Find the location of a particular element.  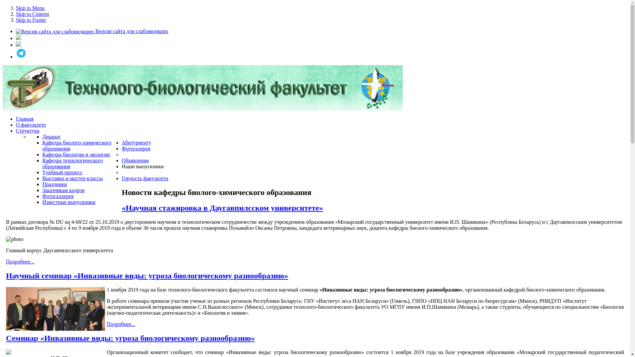

'Skip to Footer' is located at coordinates (31, 20).